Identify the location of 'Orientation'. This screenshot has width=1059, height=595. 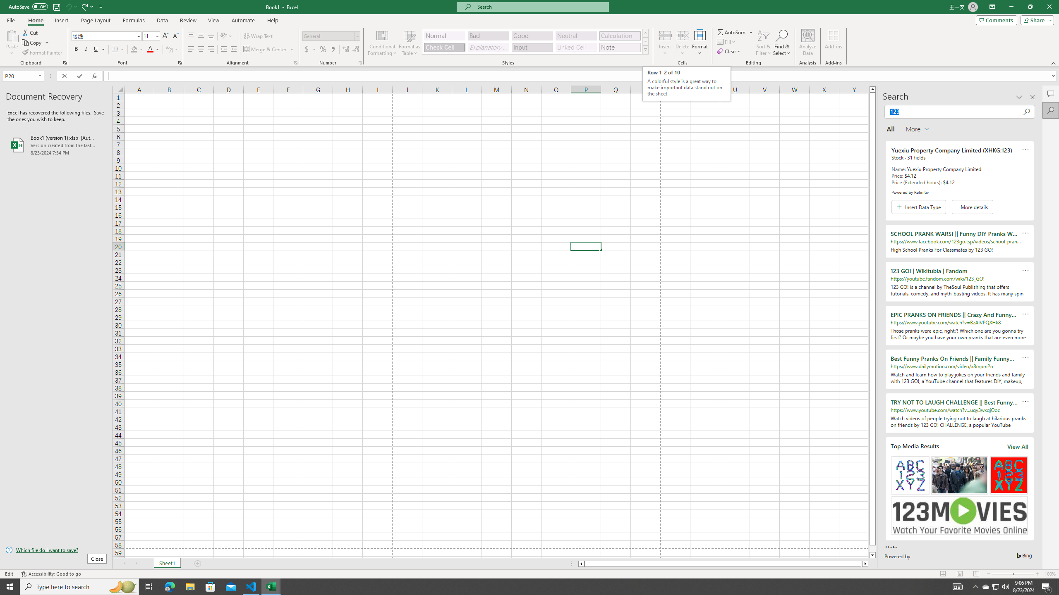
(226, 36).